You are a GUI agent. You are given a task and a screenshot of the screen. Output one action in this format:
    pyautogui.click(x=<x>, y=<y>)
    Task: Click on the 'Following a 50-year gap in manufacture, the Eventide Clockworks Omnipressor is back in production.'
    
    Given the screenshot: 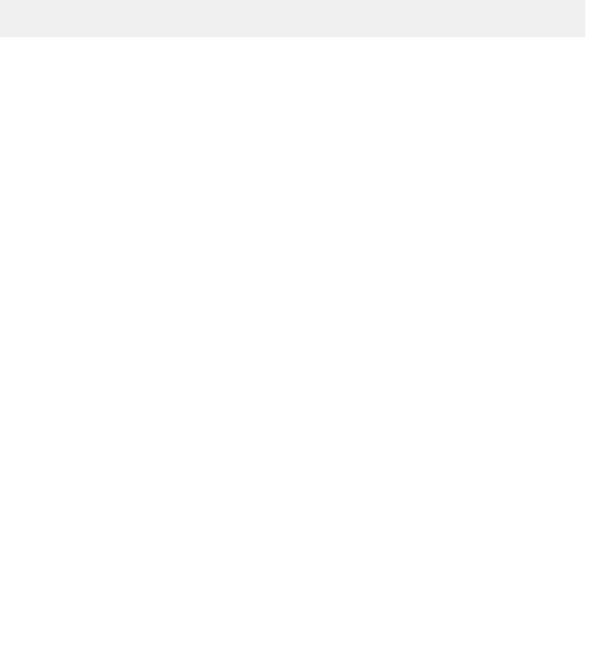 What is the action you would take?
    pyautogui.click(x=245, y=459)
    